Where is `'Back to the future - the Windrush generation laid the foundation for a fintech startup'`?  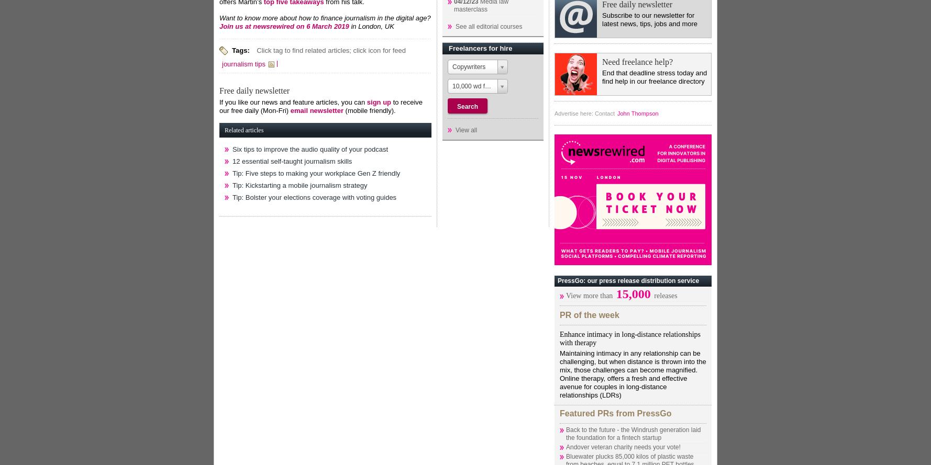
'Back to the future - the Windrush generation laid the foundation for a fintech startup' is located at coordinates (633, 433).